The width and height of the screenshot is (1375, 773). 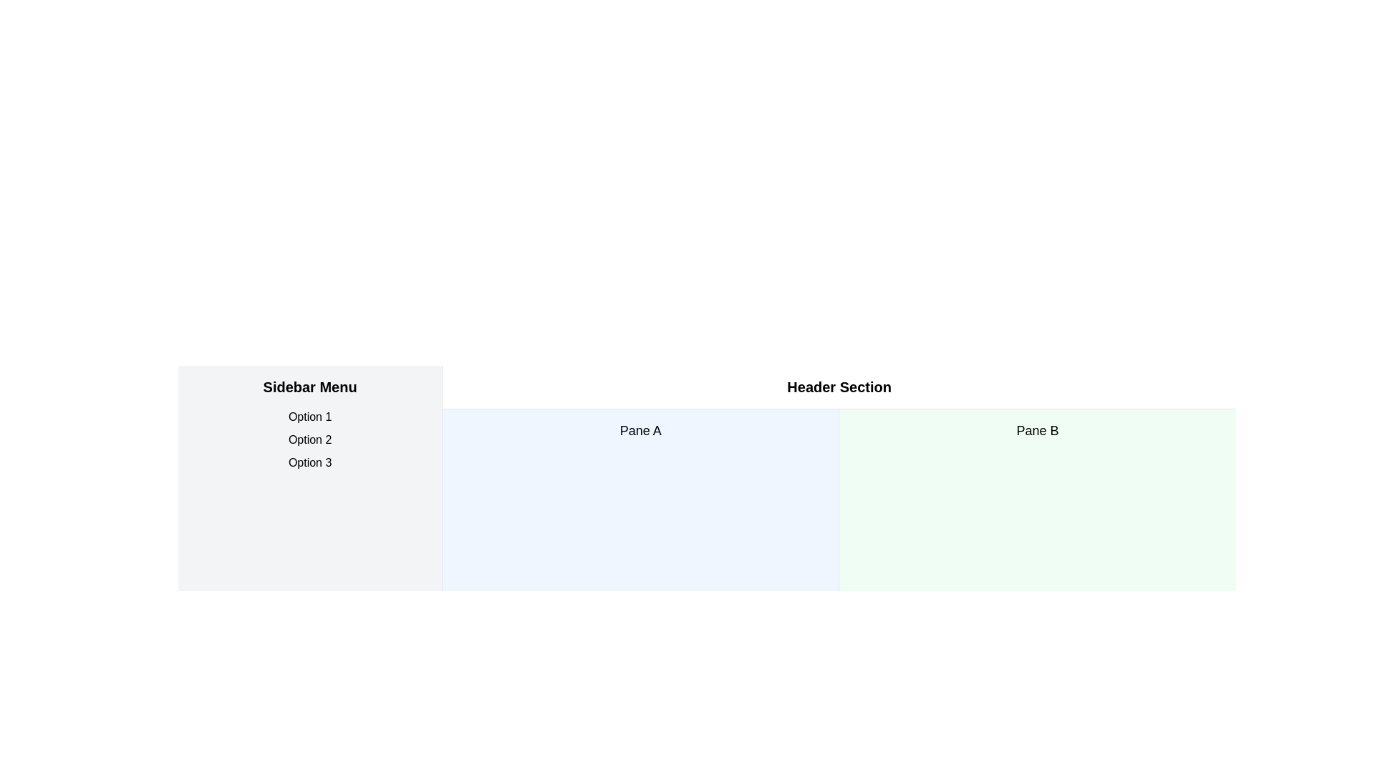 I want to click on the third option in the left sidebar menu, so click(x=309, y=463).